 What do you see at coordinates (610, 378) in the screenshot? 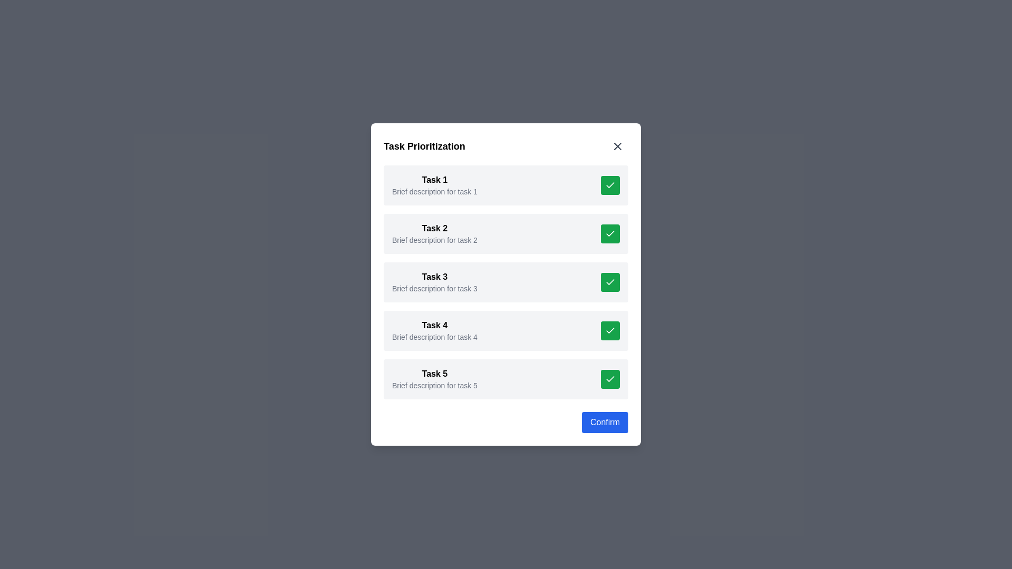
I see `the completion status icon located to the far right of the task description area for 'Task 5'` at bounding box center [610, 378].